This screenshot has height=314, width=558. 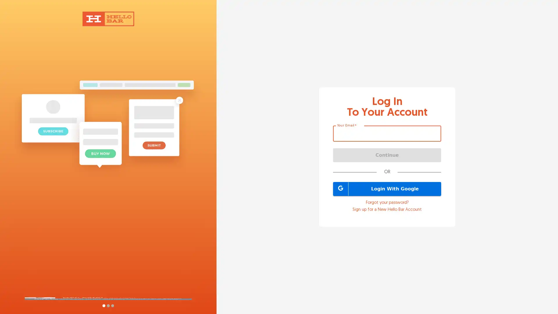 What do you see at coordinates (103, 305) in the screenshot?
I see `carousel indicator 1` at bounding box center [103, 305].